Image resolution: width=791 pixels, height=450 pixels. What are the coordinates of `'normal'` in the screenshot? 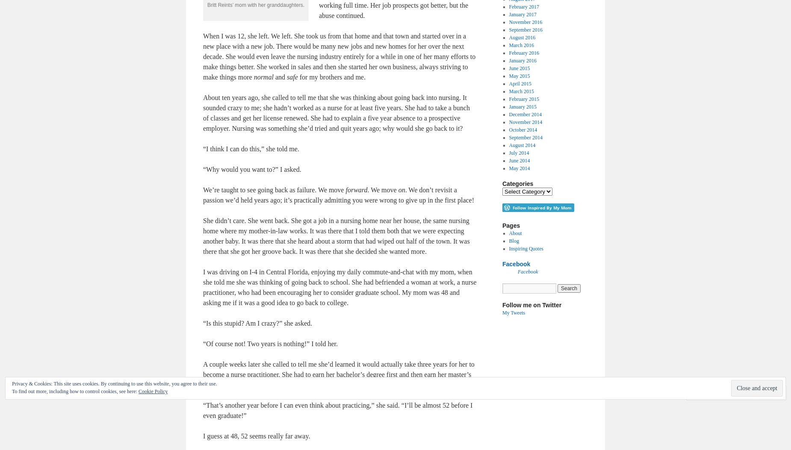 It's located at (263, 76).